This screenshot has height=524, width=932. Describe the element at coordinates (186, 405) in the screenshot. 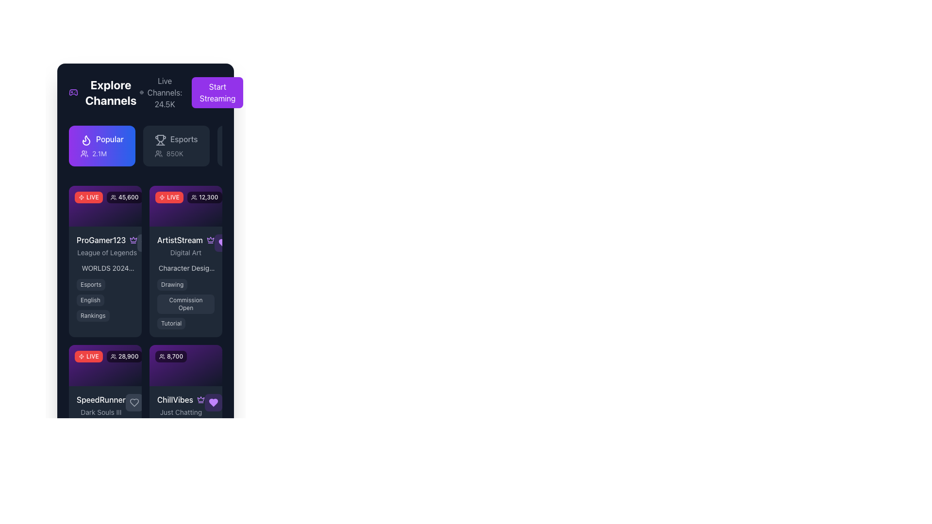

I see `the informational listing card for the 'ChillVibes' channel` at that location.